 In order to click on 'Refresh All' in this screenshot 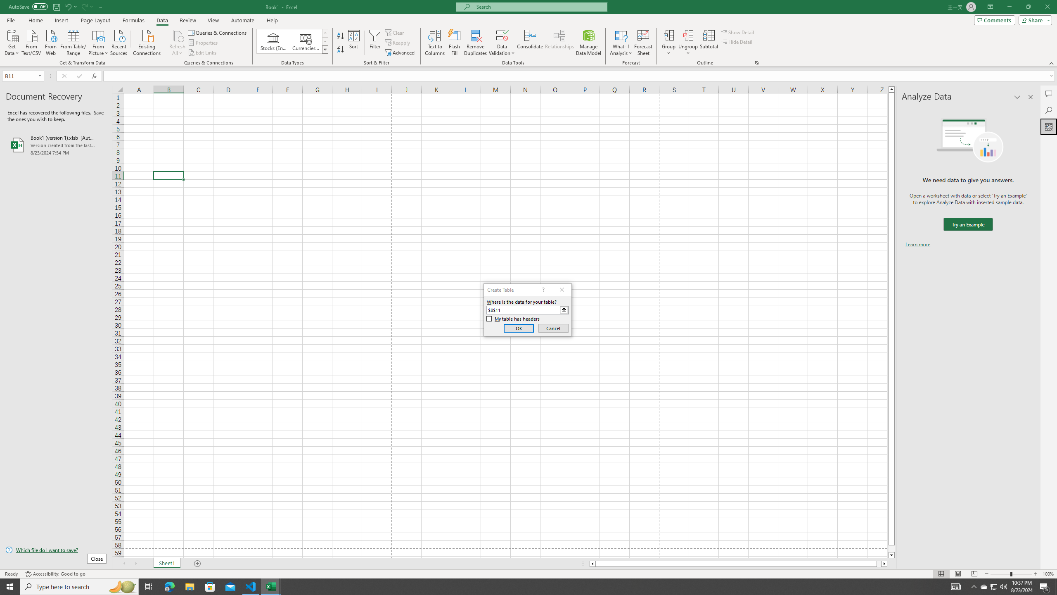, I will do `click(177, 43)`.